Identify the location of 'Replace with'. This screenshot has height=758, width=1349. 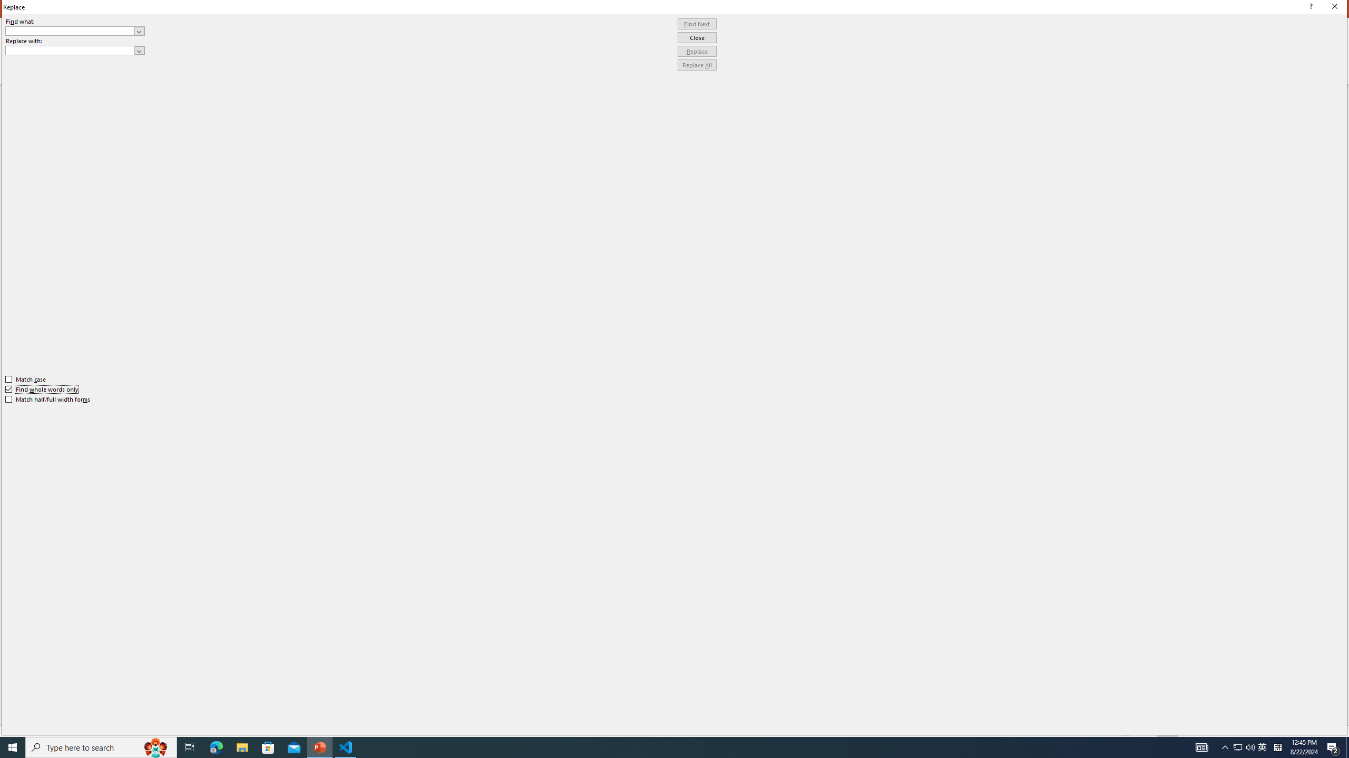
(70, 50).